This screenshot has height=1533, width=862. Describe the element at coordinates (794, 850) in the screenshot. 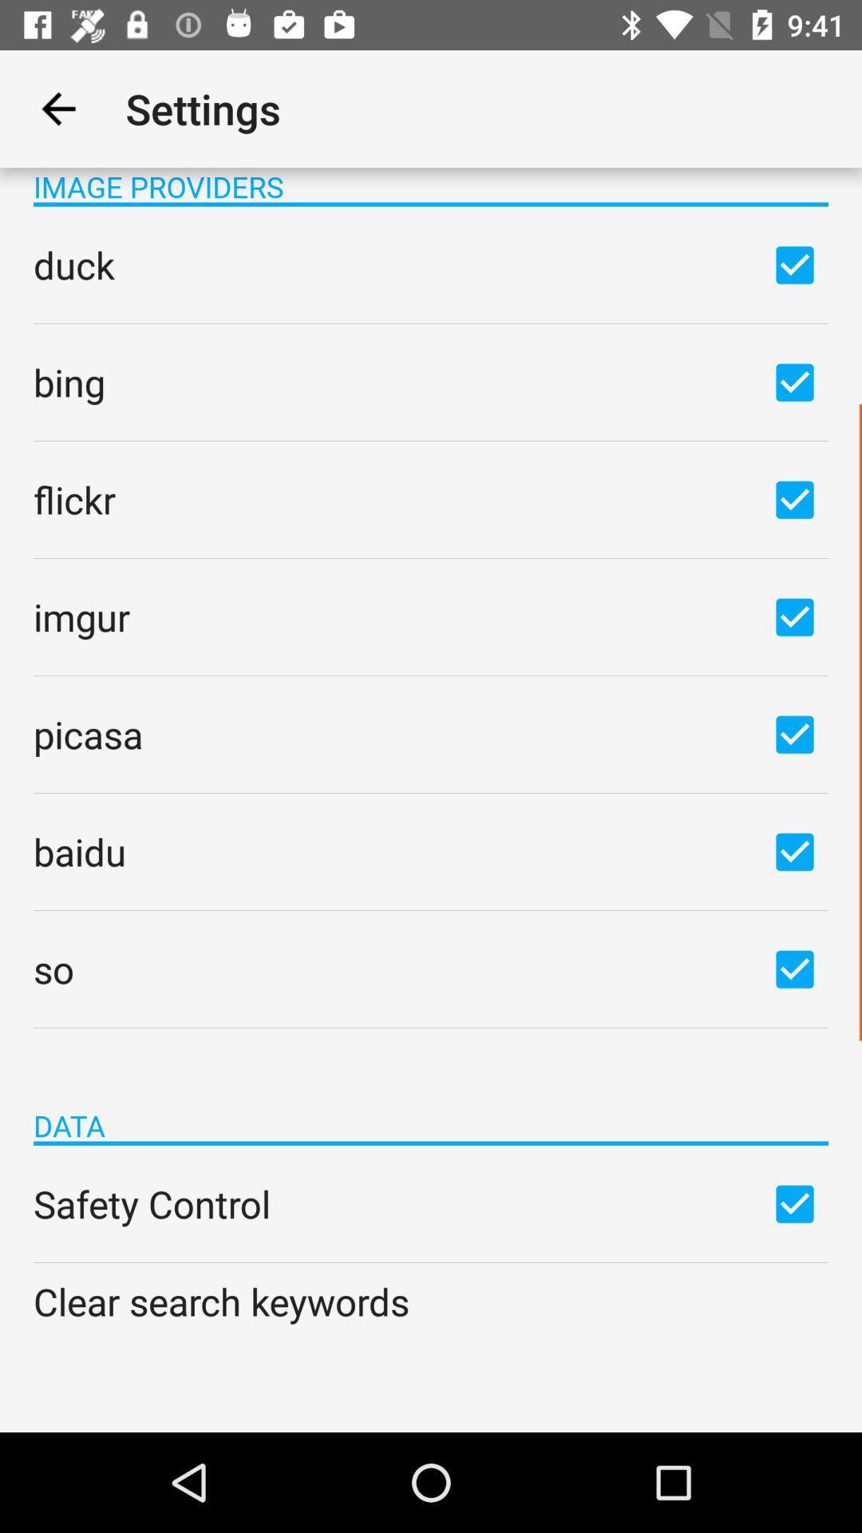

I see `select/unselect option` at that location.